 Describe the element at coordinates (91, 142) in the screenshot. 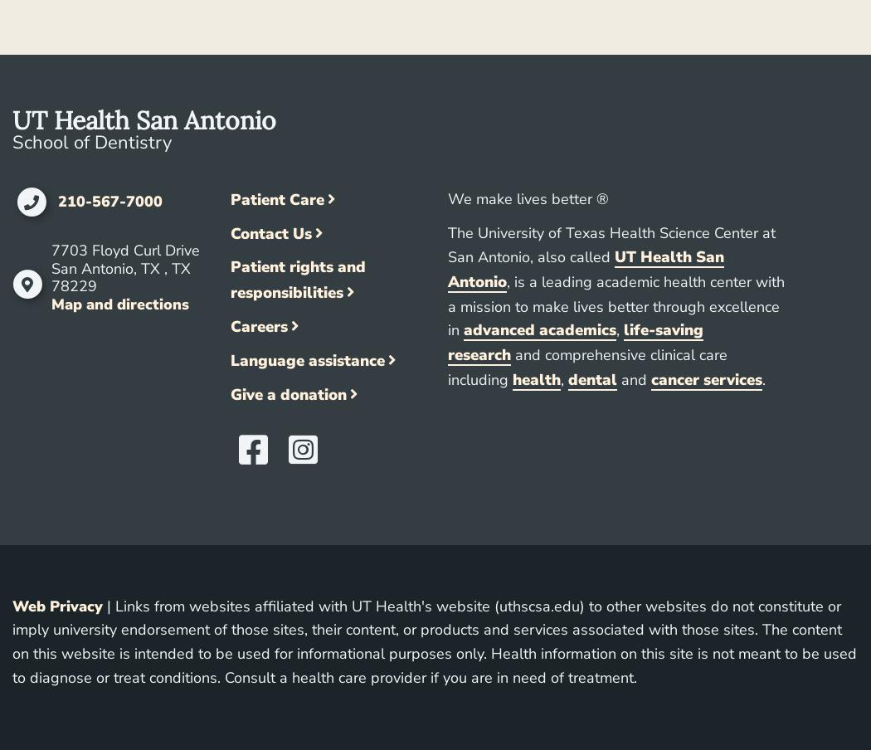

I see `'School of Dentistry'` at that location.